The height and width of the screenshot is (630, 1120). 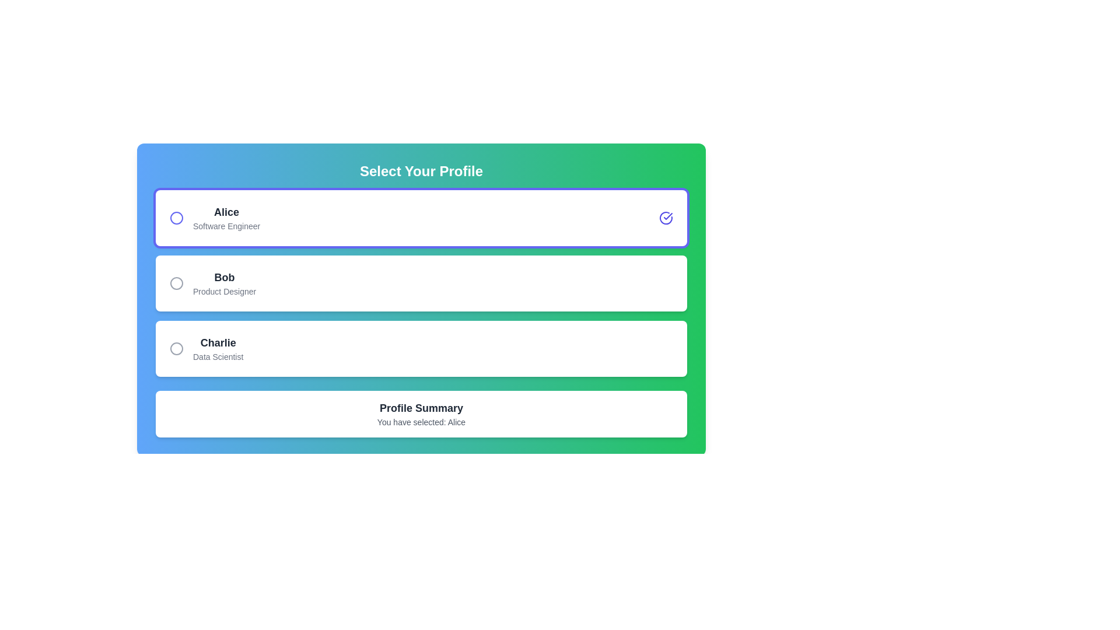 I want to click on displayed text of the profile option containing the name 'Alice' in bold and the job title 'Software Engineer' below it, located in the first option of the profile options group, so click(x=215, y=218).